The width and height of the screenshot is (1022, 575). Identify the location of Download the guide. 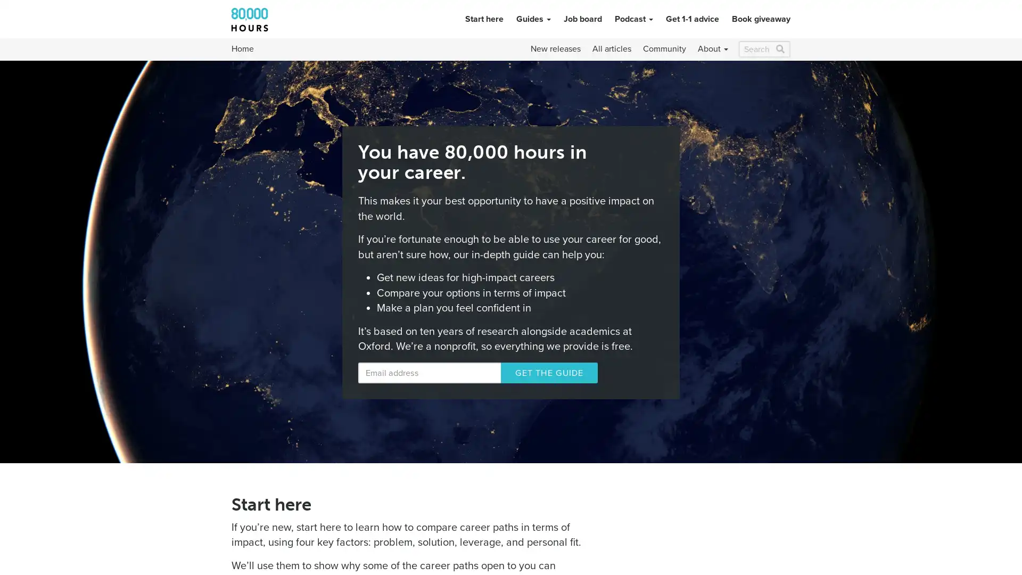
(532, 372).